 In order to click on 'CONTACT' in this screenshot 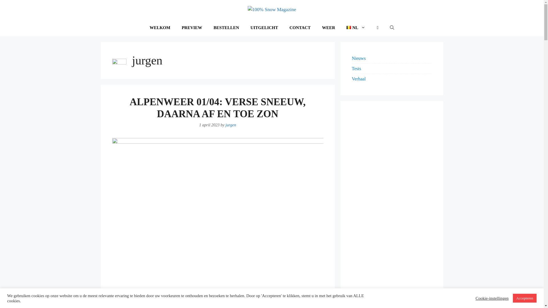, I will do `click(283, 27)`.